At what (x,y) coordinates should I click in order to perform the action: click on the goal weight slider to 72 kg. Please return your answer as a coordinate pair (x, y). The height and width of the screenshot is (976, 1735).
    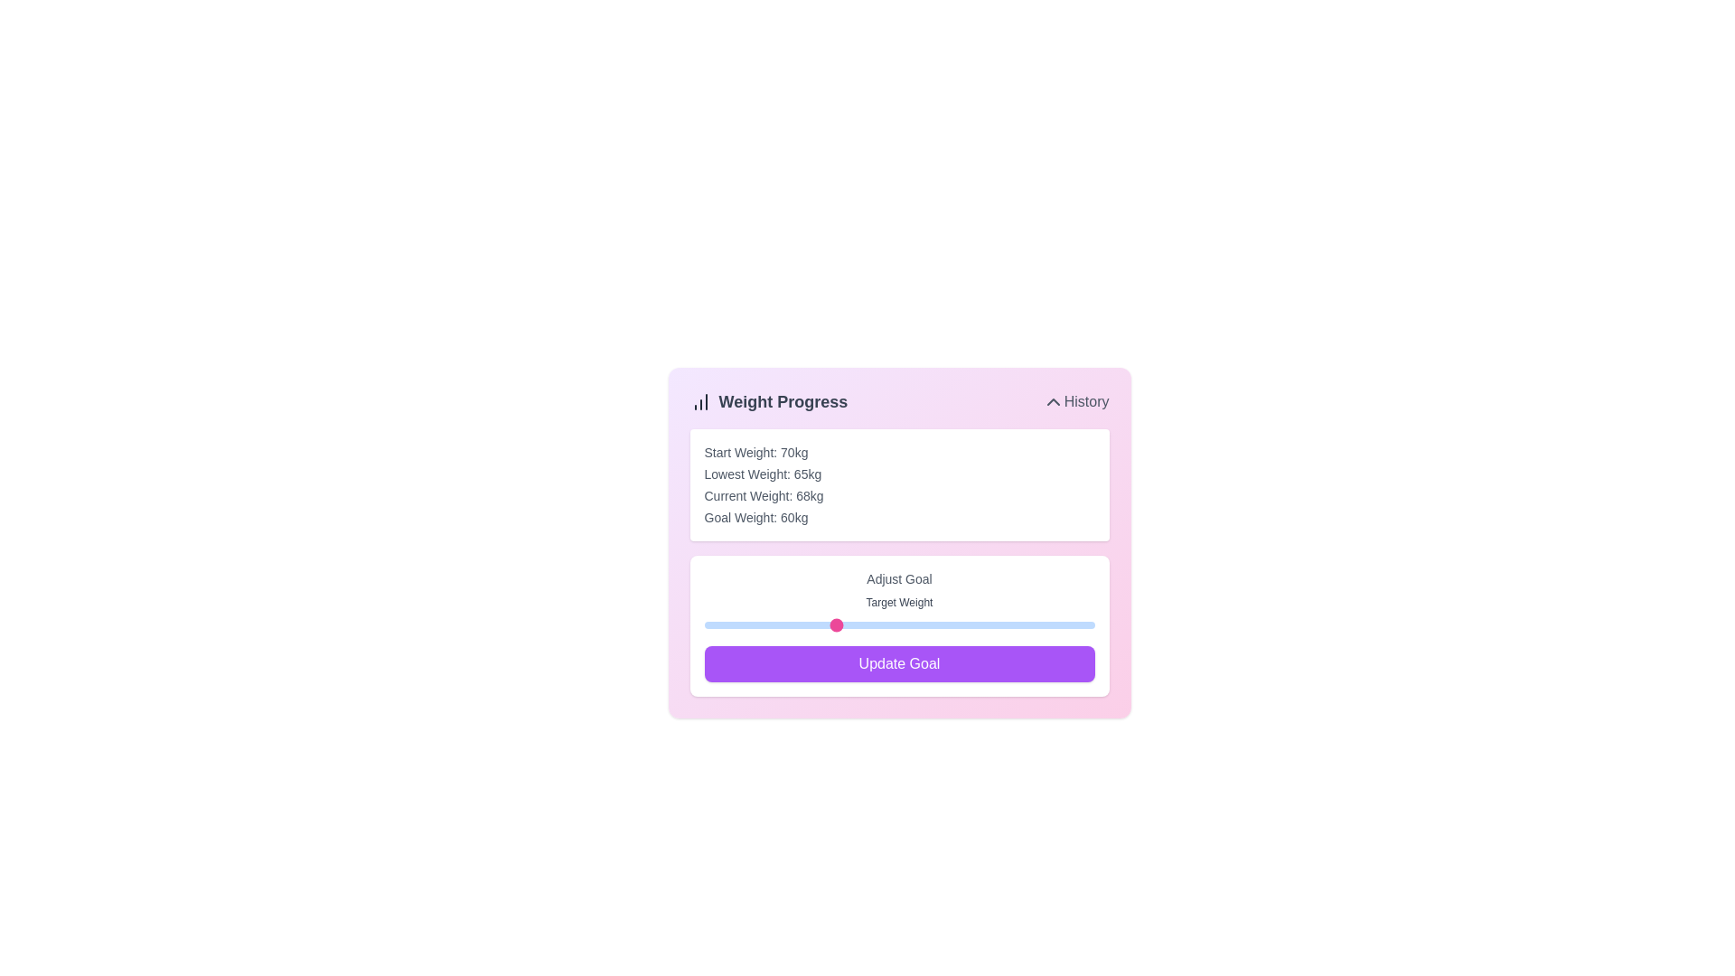
    Looking at the image, I should click on (989, 624).